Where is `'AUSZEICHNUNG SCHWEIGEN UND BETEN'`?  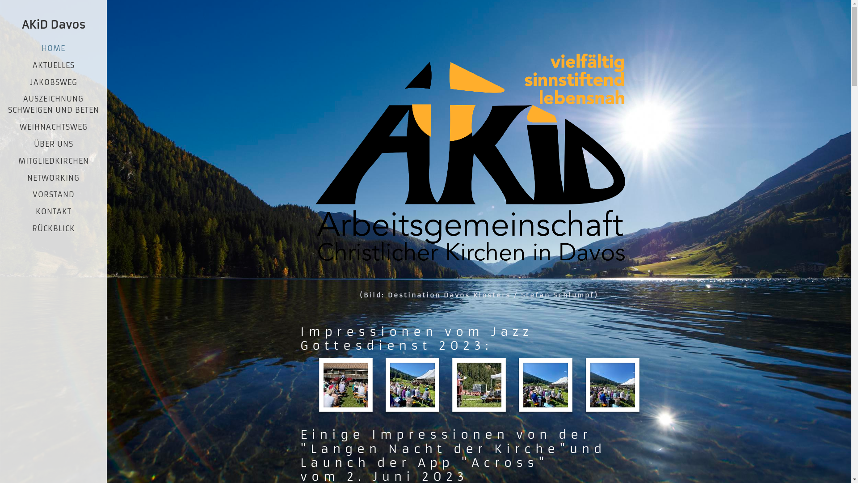 'AUSZEICHNUNG SCHWEIGEN UND BETEN' is located at coordinates (53, 104).